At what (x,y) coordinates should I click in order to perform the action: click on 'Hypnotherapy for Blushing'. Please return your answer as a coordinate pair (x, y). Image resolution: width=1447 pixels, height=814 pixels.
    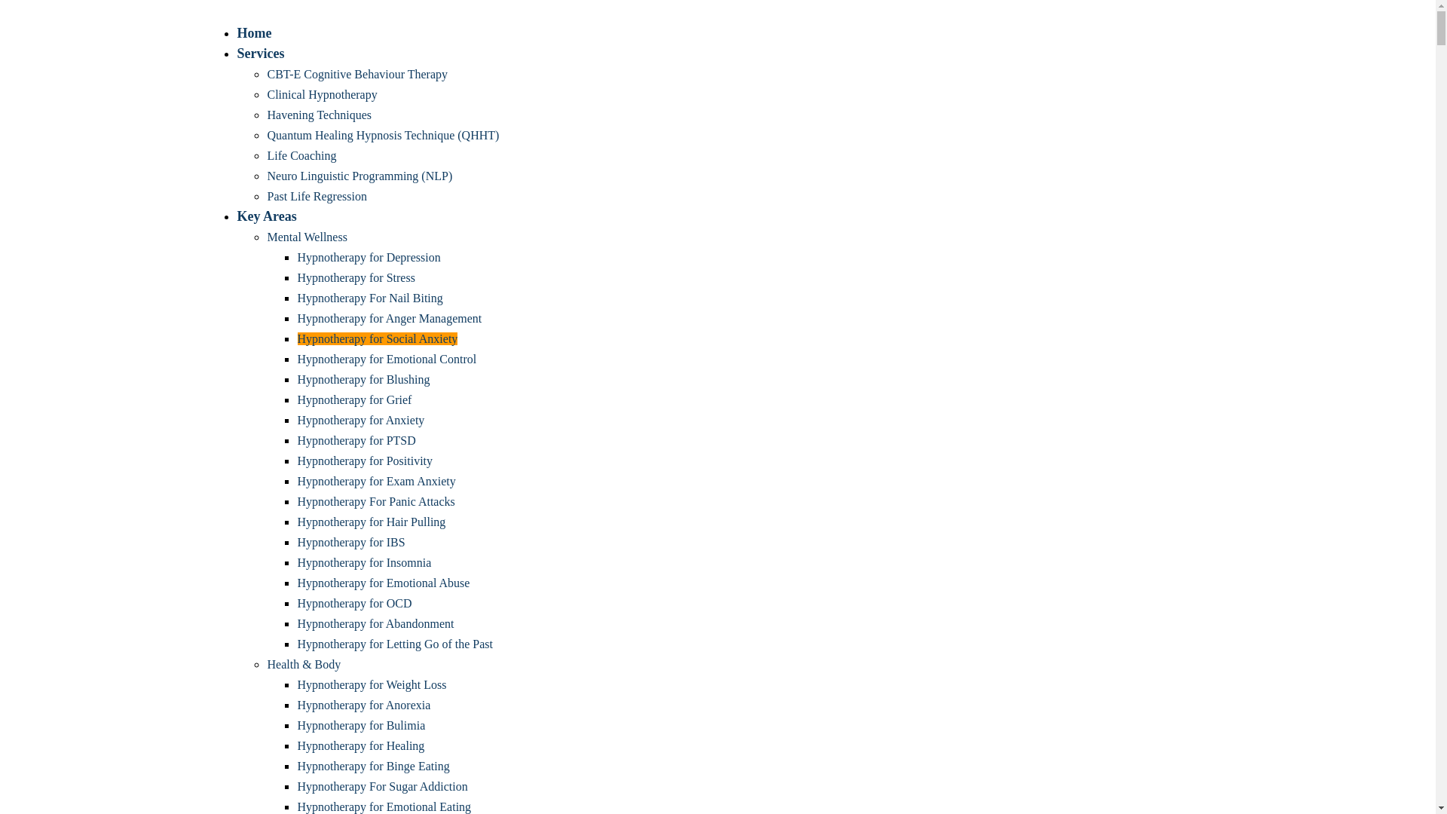
    Looking at the image, I should click on (363, 378).